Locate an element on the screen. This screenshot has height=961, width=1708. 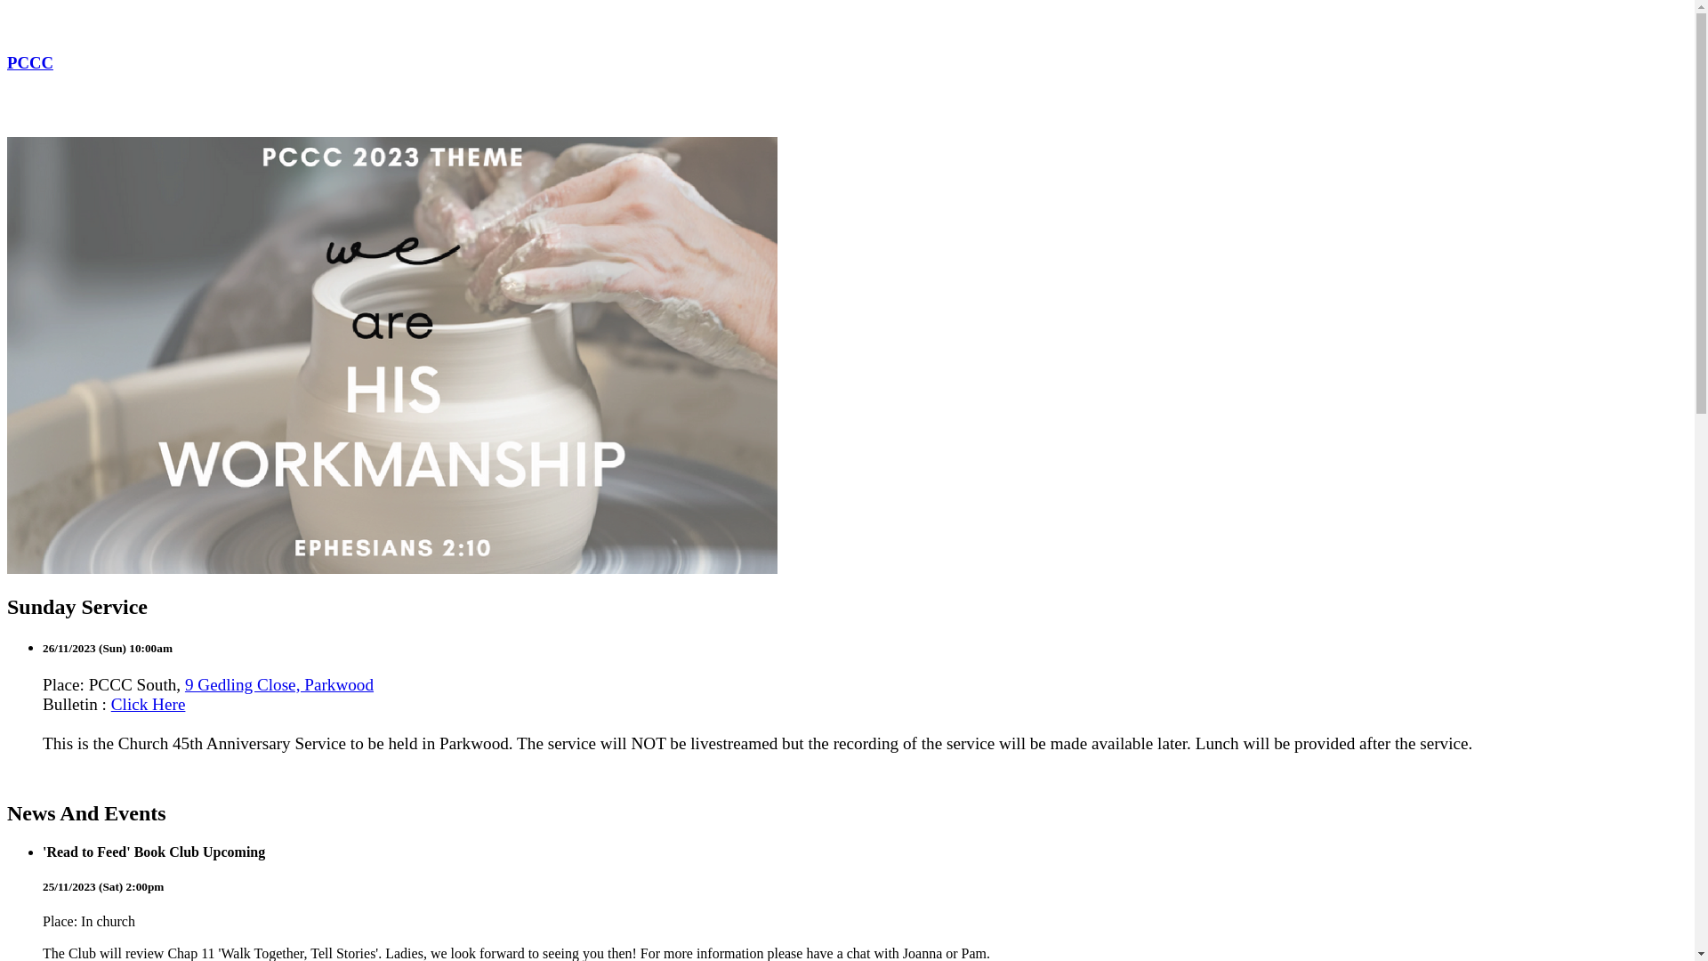
'Click Here' is located at coordinates (149, 703).